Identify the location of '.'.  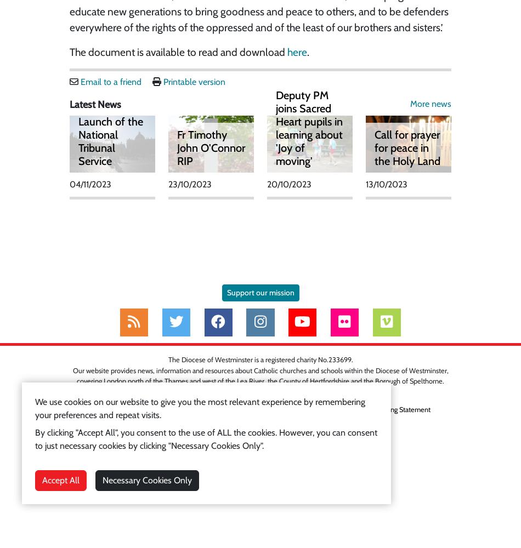
(307, 51).